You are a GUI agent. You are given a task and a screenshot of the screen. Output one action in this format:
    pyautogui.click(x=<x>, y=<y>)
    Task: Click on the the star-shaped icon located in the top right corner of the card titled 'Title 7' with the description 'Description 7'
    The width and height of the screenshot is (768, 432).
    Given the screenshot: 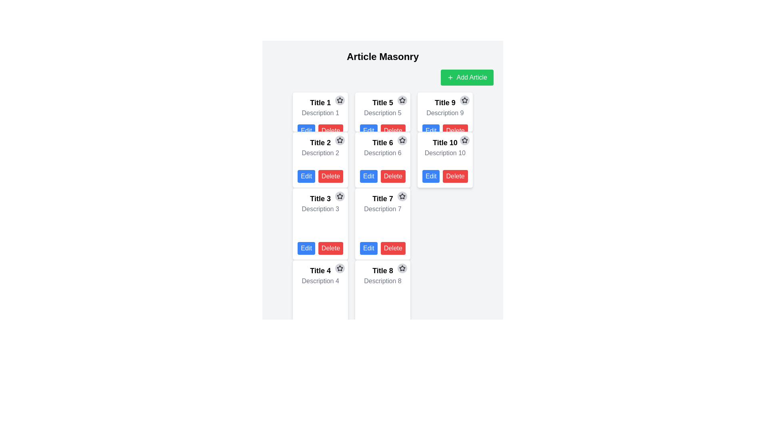 What is the action you would take?
    pyautogui.click(x=402, y=196)
    